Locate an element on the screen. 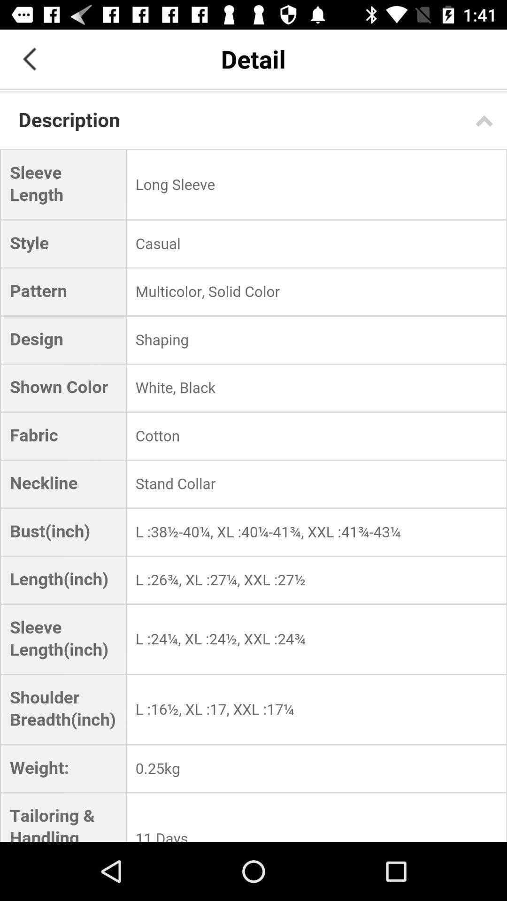  go back is located at coordinates (29, 58).